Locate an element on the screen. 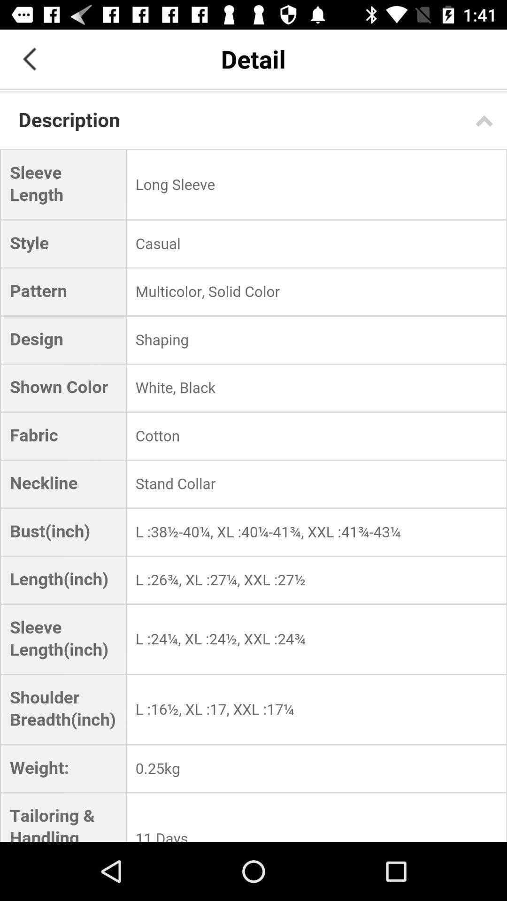  go back is located at coordinates (29, 58).